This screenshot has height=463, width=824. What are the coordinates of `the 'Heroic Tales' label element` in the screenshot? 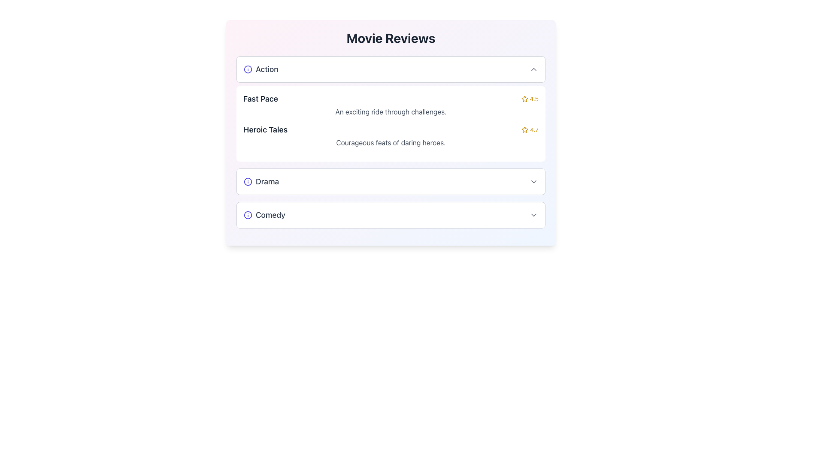 It's located at (391, 130).